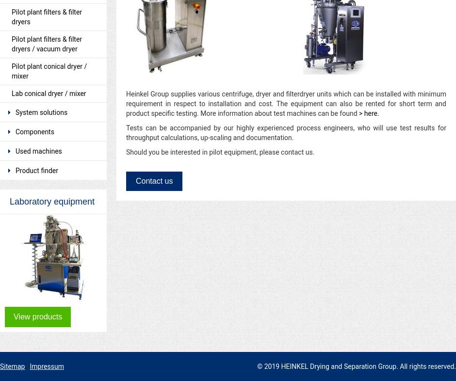 This screenshot has width=456, height=381. I want to click on 'Used machines', so click(15, 151).